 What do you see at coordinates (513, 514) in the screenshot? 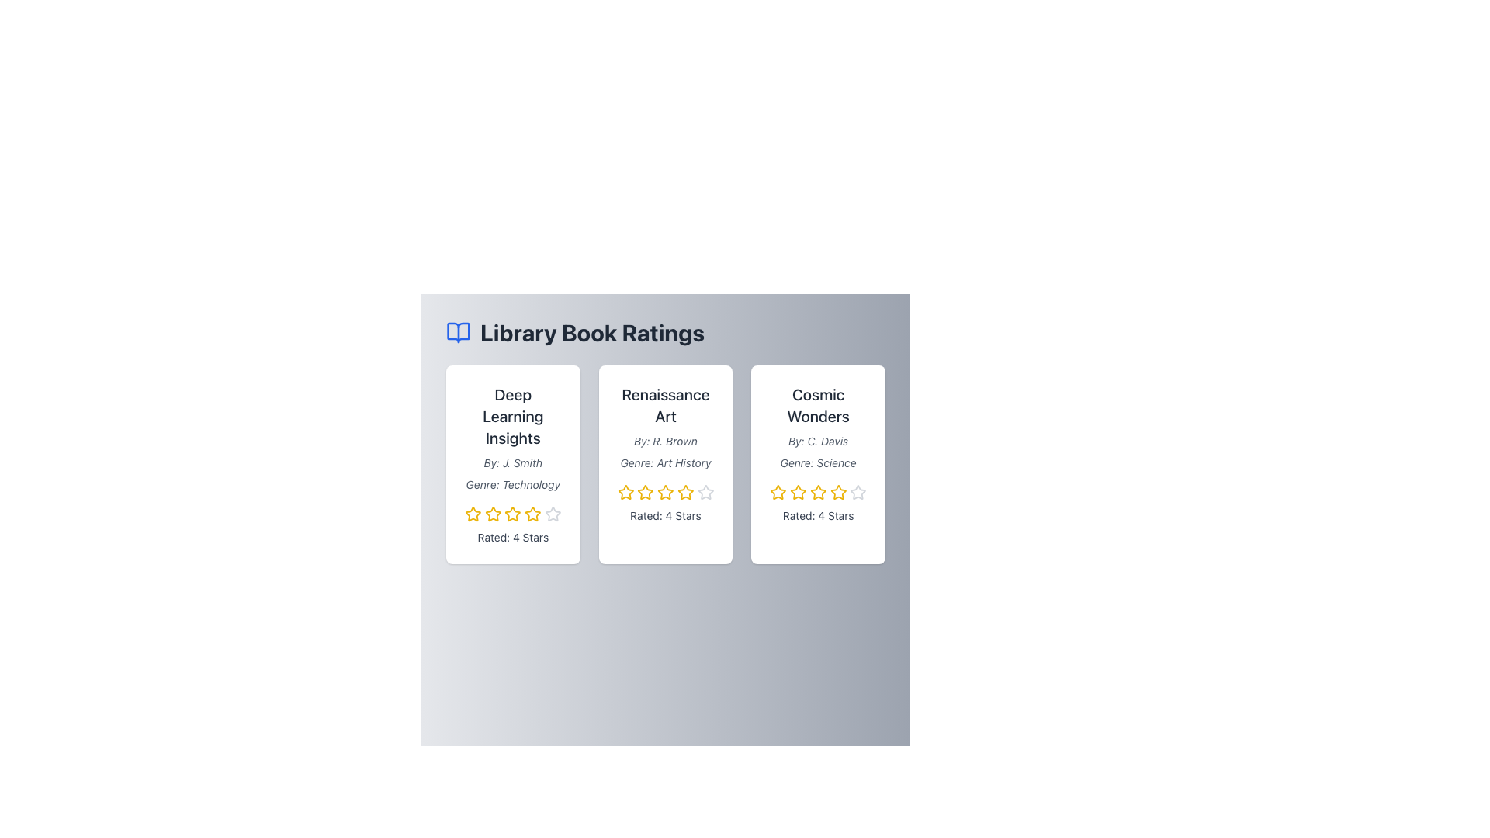
I see `the third star icon in the rating component beneath the text 'Genre: Technology'` at bounding box center [513, 514].